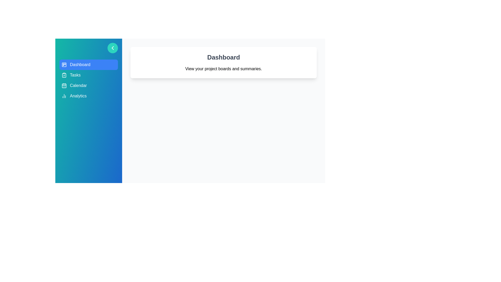 This screenshot has width=501, height=282. What do you see at coordinates (89, 64) in the screenshot?
I see `the blue 'Dashboard' navigation button located at the top of the vertical menu on the left side of the interface` at bounding box center [89, 64].